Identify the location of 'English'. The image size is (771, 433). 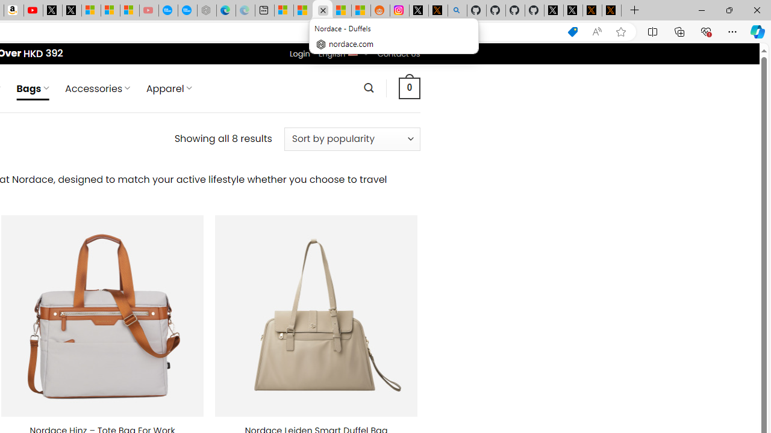
(352, 51).